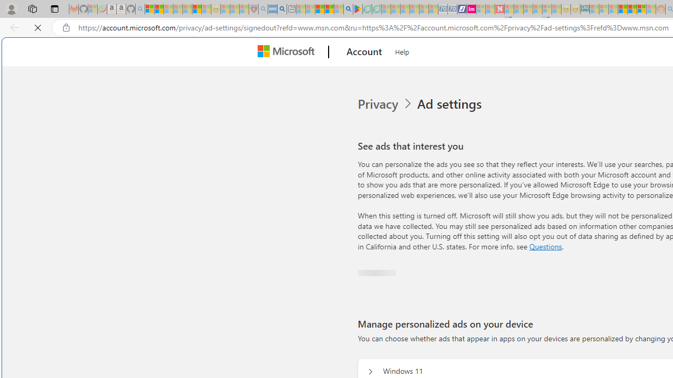  I want to click on 'Cheap Hotels - Save70.com - Sleeping', so click(452, 9).